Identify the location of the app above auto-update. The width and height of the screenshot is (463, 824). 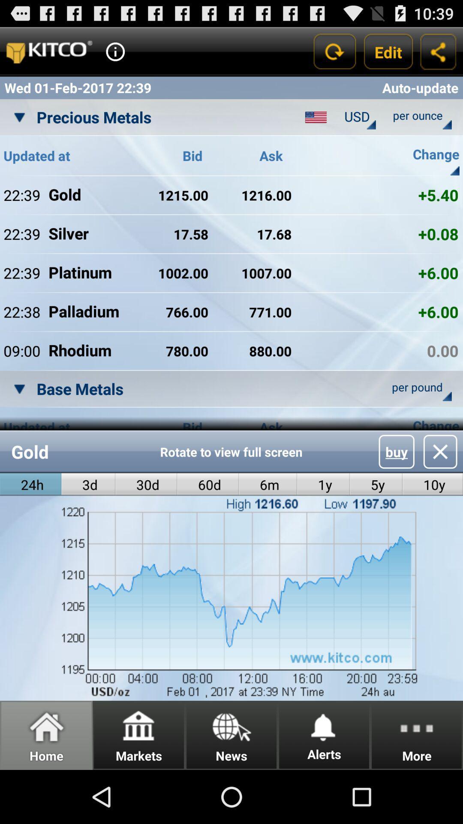
(388, 51).